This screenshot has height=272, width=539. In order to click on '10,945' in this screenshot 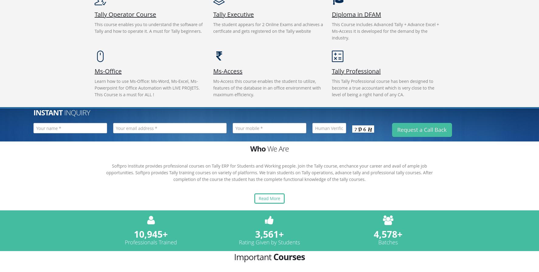, I will do `click(148, 234)`.